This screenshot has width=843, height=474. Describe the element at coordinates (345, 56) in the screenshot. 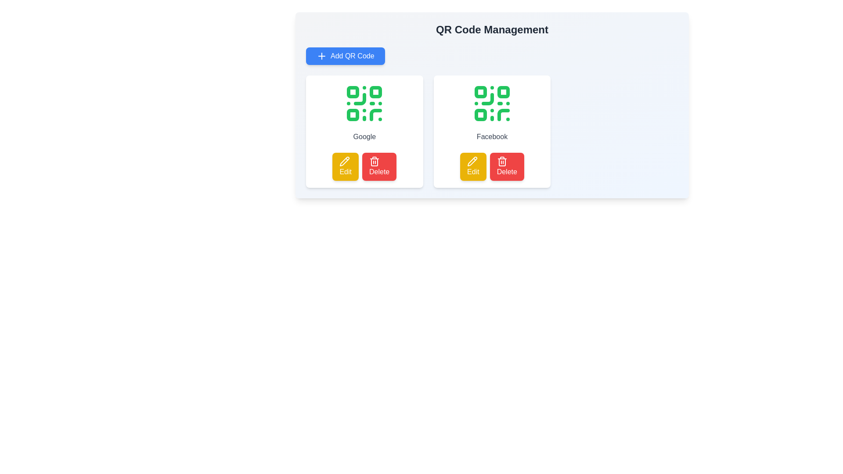

I see `the rectangular button with a blue background and white text labeled 'Add QR Code'` at that location.